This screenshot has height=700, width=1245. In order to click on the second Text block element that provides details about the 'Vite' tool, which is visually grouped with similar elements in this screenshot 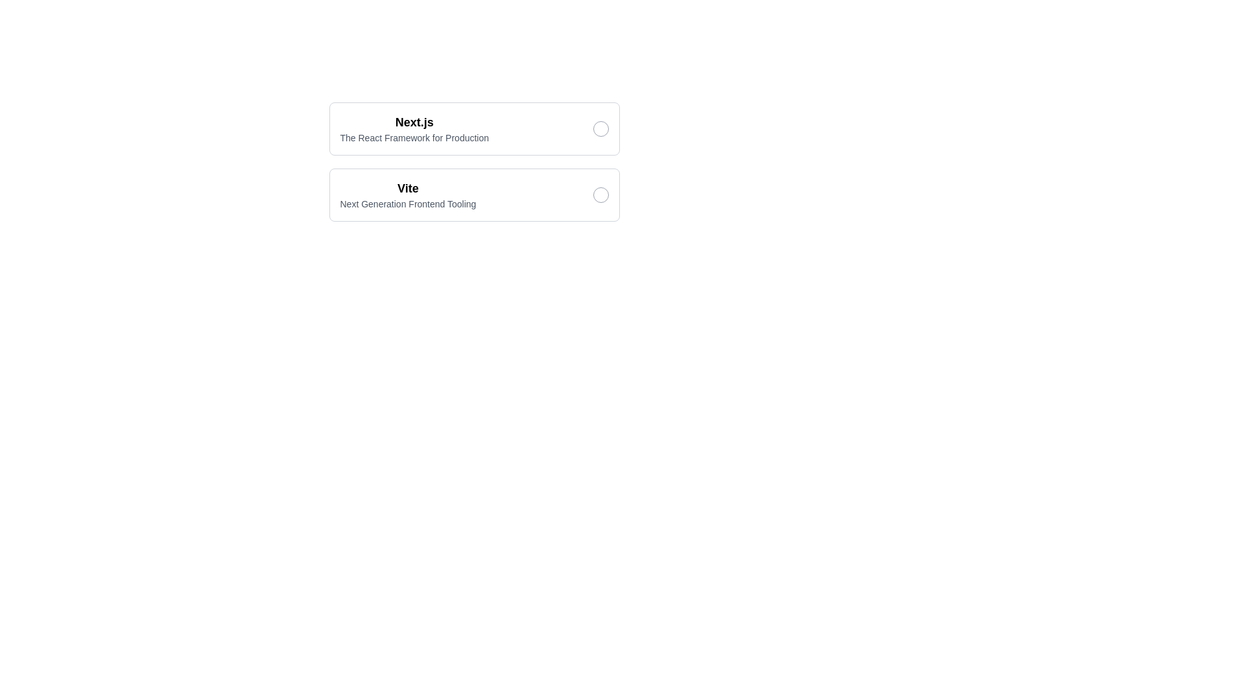, I will do `click(407, 194)`.